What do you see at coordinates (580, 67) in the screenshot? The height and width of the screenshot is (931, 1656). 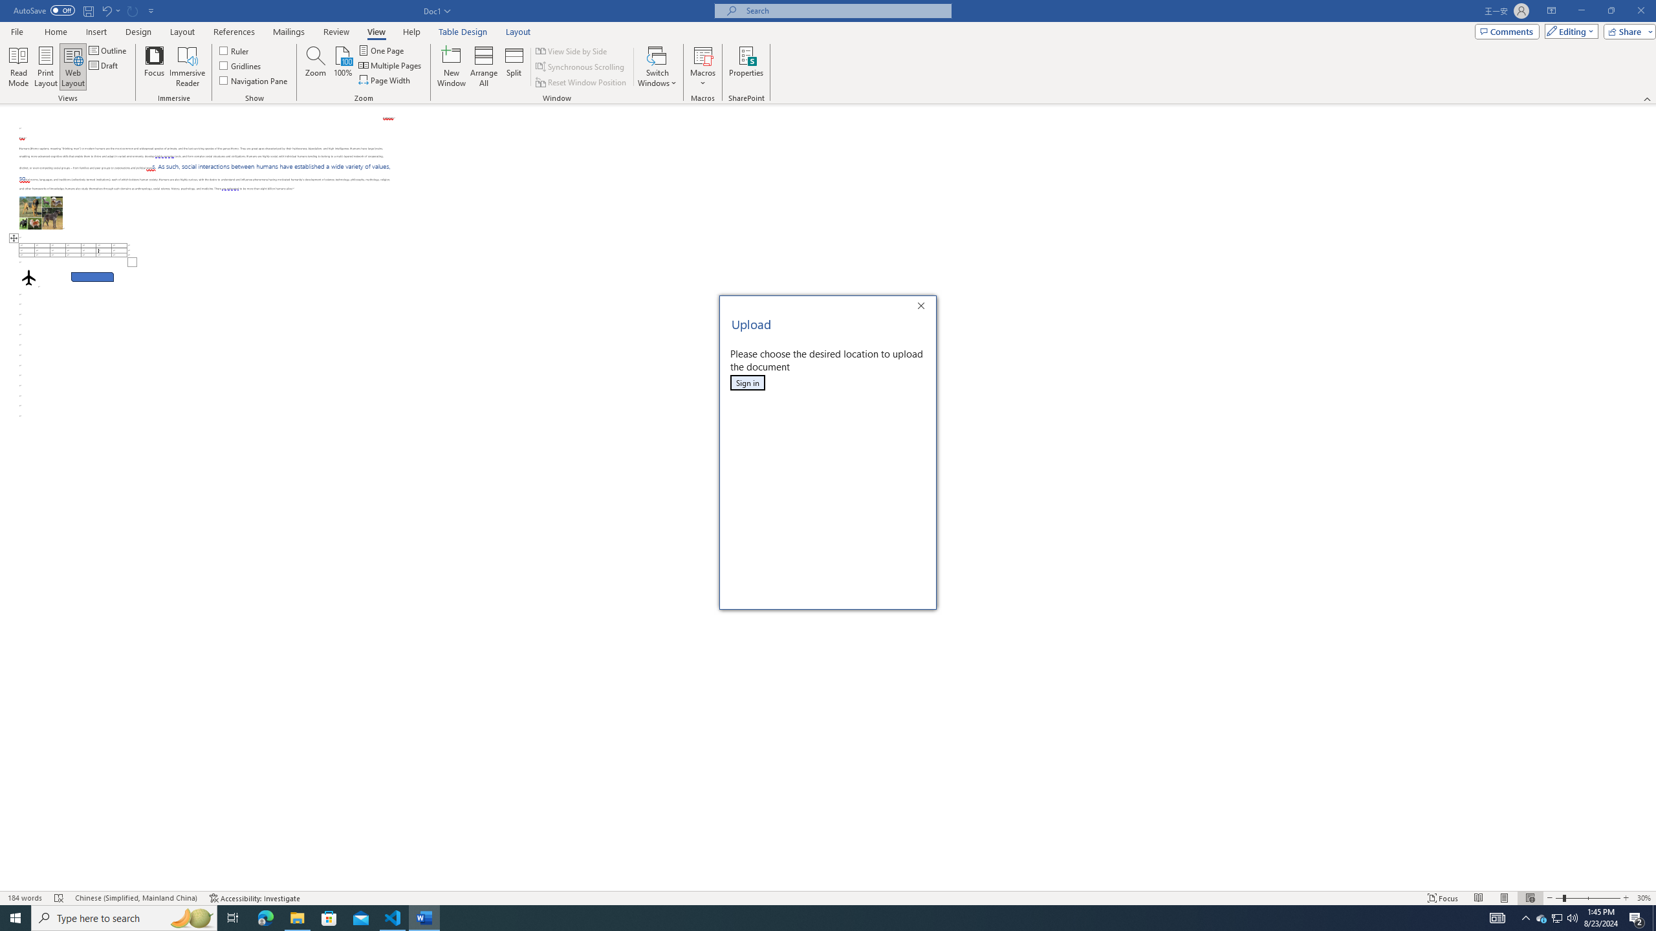 I see `'Synchronous Scrolling'` at bounding box center [580, 67].